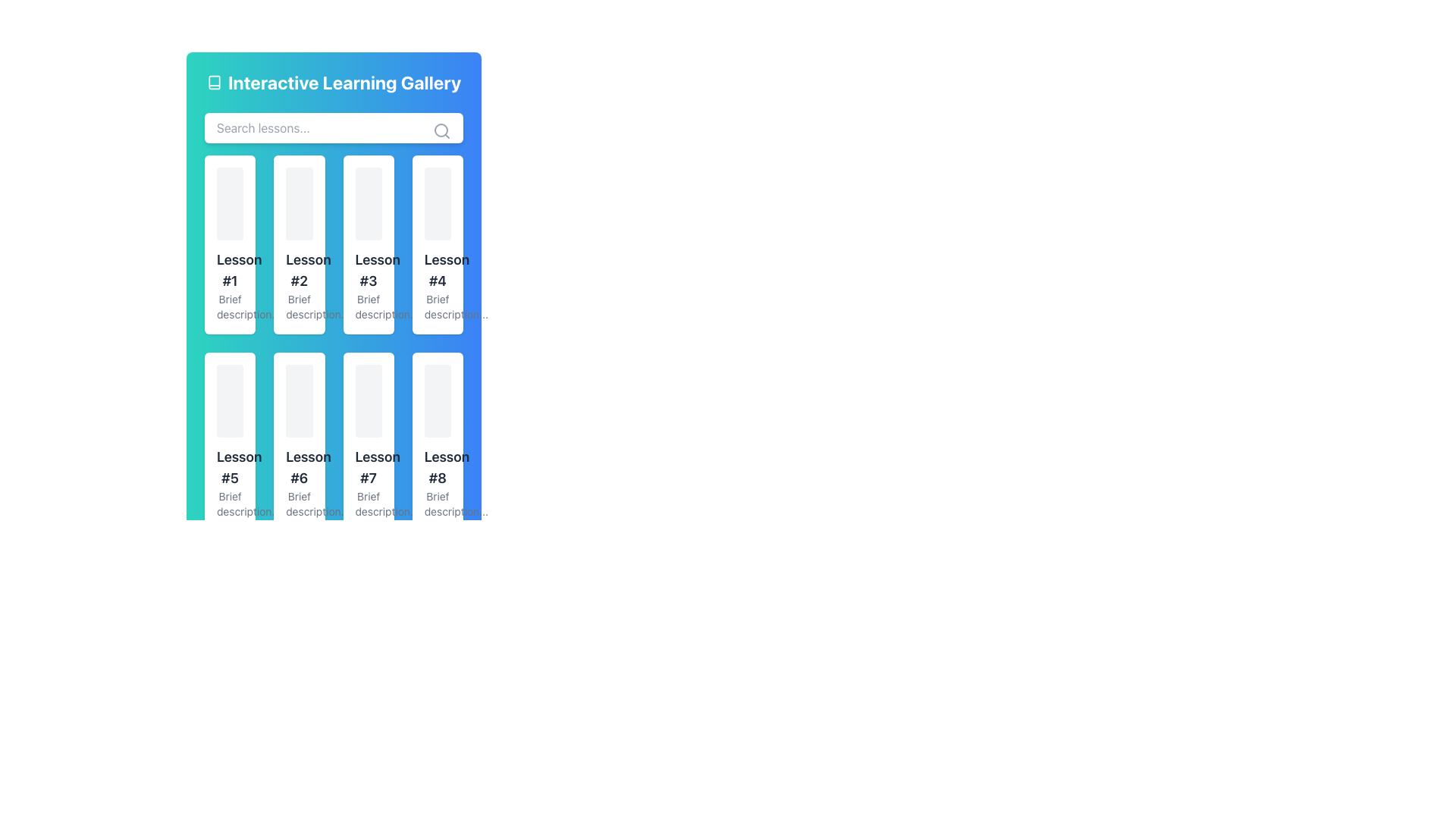 The width and height of the screenshot is (1456, 819). Describe the element at coordinates (369, 270) in the screenshot. I see `text from the Text Label displaying 'Lesson #3' which is prominently styled in dark gray, located in the top row, third column of the grid layout` at that location.